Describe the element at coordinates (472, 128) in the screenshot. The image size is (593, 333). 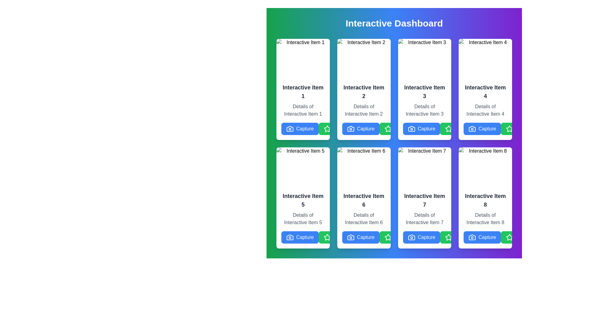
I see `the 'Capture' button, which features a flat, minimalistic camera icon on a blue background, located in the bottom-right corner of the button grid` at that location.